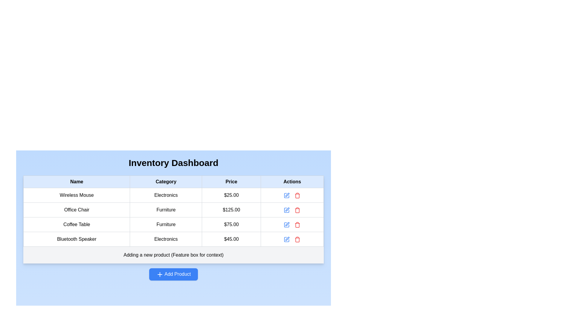 Image resolution: width=574 pixels, height=323 pixels. What do you see at coordinates (76, 182) in the screenshot?
I see `the 'Name' column header in the inventory table` at bounding box center [76, 182].